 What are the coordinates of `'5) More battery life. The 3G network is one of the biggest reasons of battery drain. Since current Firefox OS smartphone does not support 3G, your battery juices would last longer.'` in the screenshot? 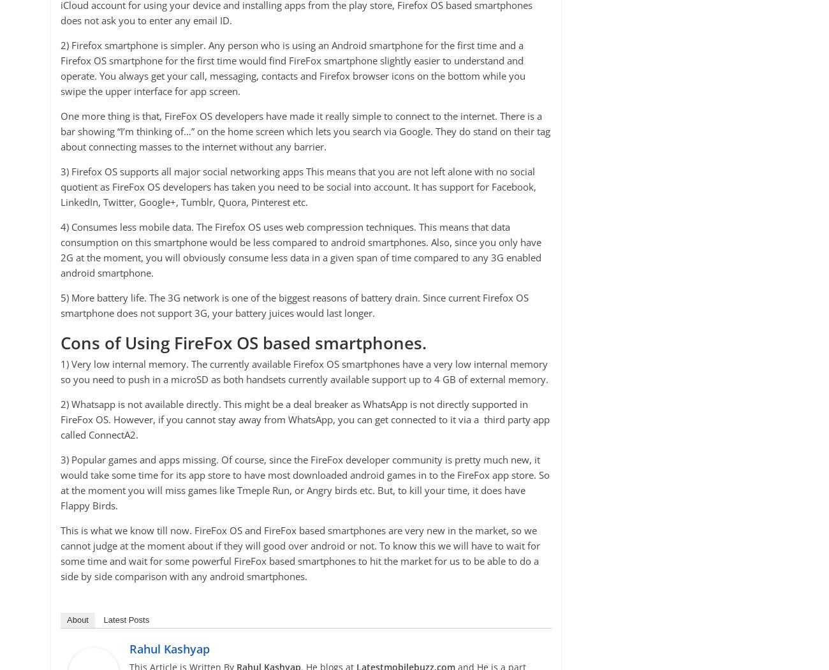 It's located at (294, 303).